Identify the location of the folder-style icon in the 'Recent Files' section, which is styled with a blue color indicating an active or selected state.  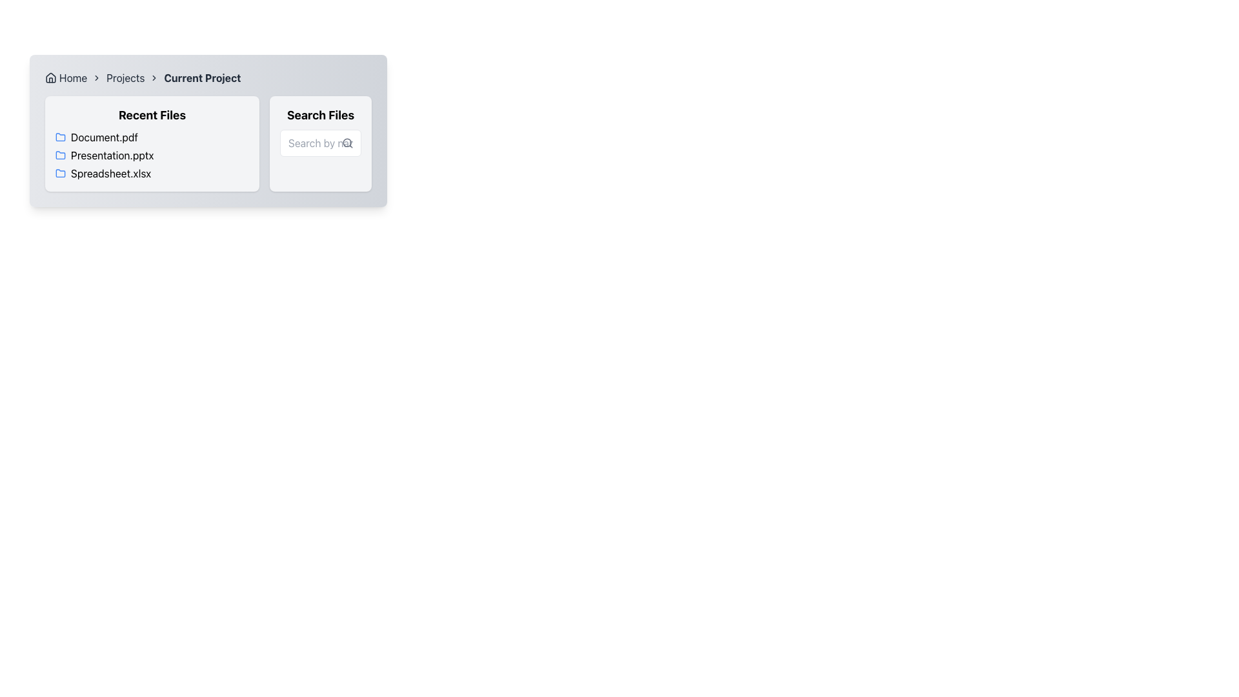
(60, 137).